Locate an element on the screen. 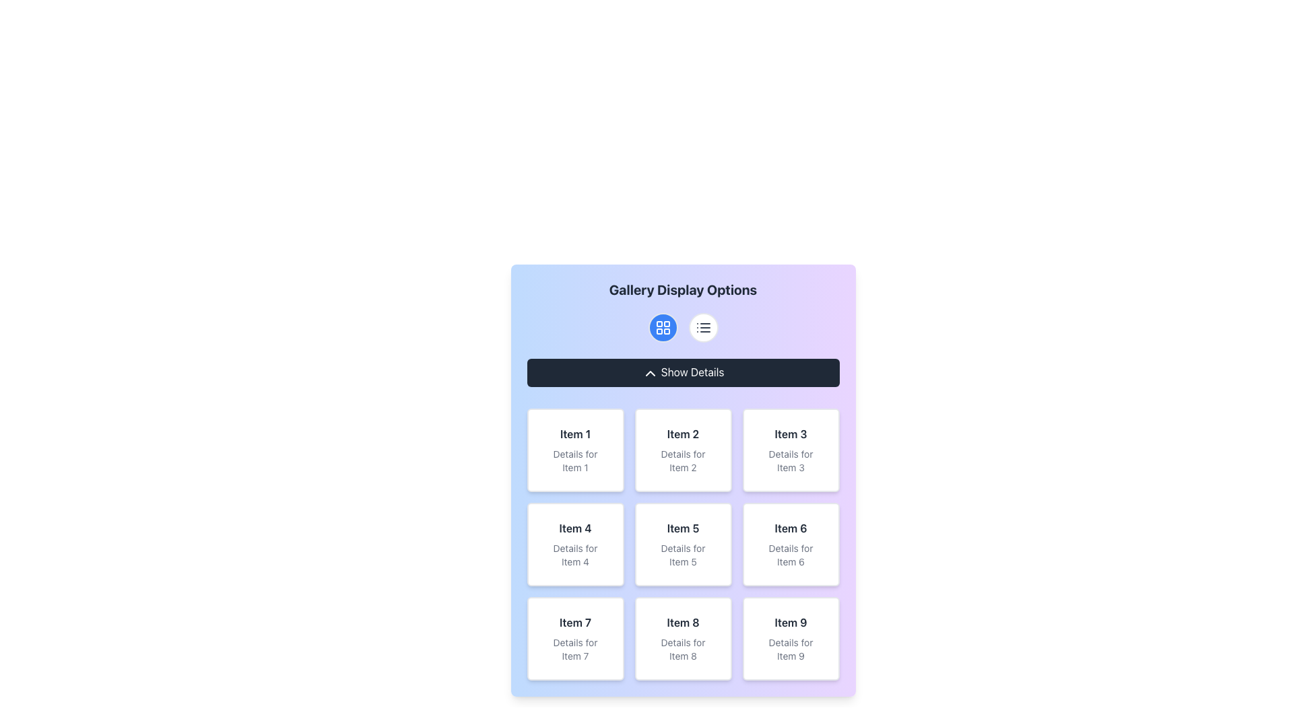 This screenshot has width=1293, height=727. the card component displaying 'Item 1' with a white background and rounded corners located at the top-left corner of the grid is located at coordinates (575, 450).